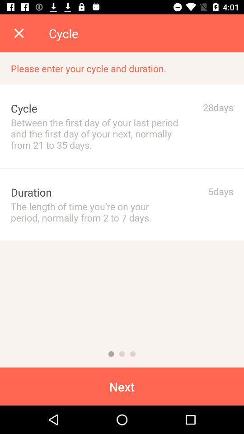  Describe the element at coordinates (19, 33) in the screenshot. I see `the close icon` at that location.